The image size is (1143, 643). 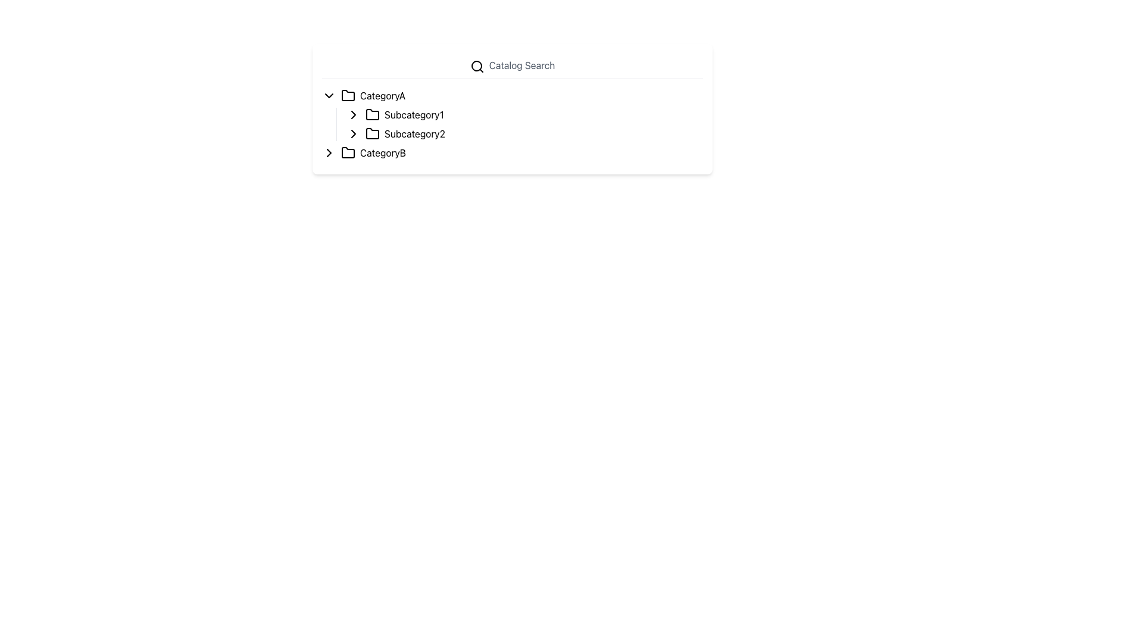 What do you see at coordinates (371, 114) in the screenshot?
I see `the folder icon representing the subcategory next to the 'Subcategory1' label` at bounding box center [371, 114].